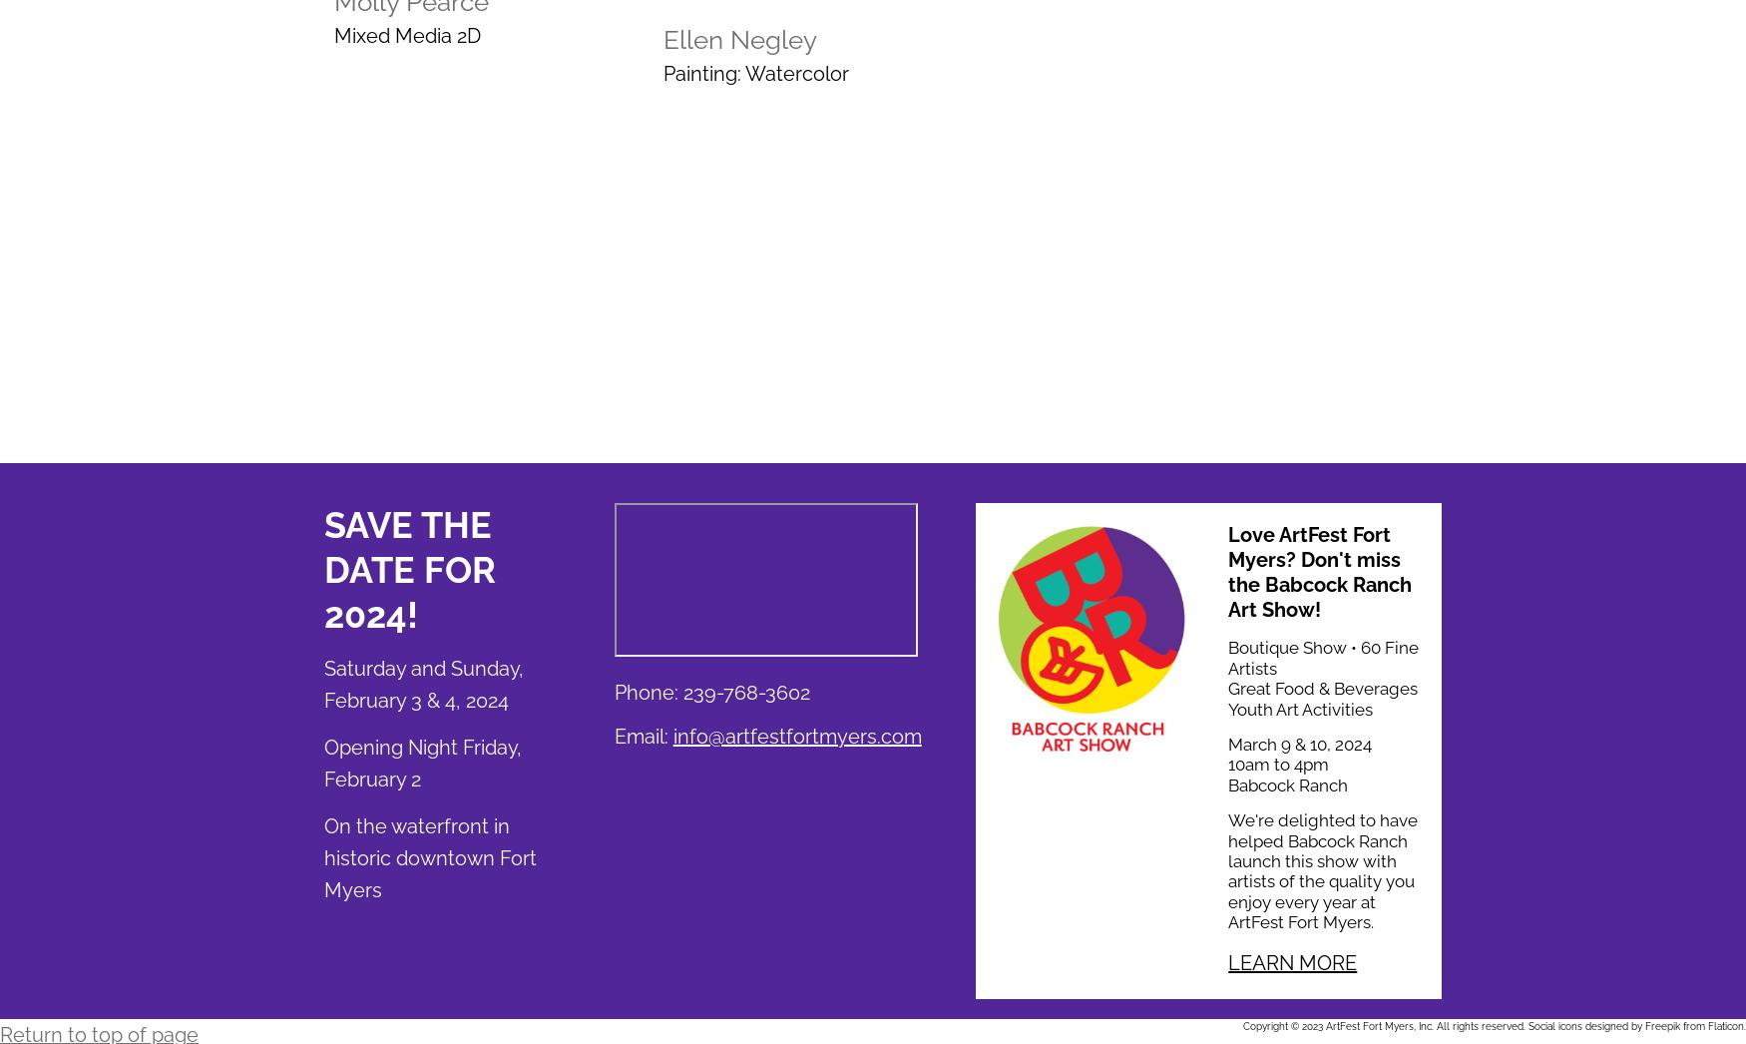  I want to click on 'LEARN MORE', so click(1227, 962).